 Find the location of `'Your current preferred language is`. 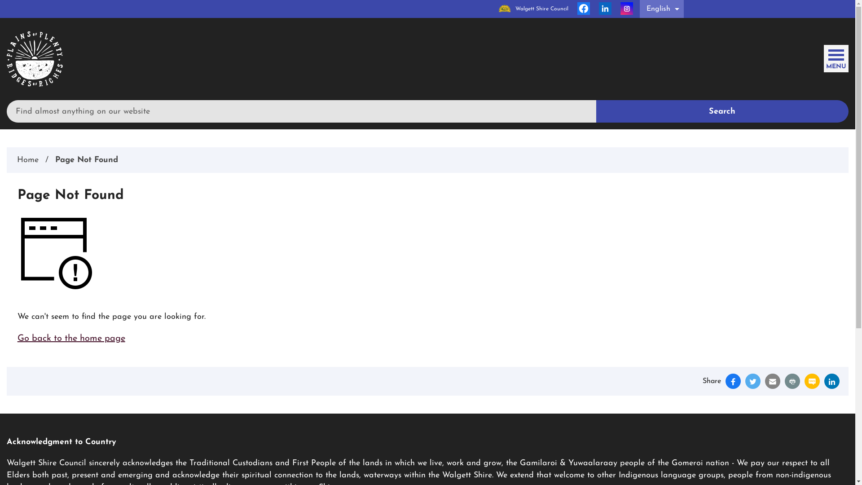

'Your current preferred language is is located at coordinates (661, 9).